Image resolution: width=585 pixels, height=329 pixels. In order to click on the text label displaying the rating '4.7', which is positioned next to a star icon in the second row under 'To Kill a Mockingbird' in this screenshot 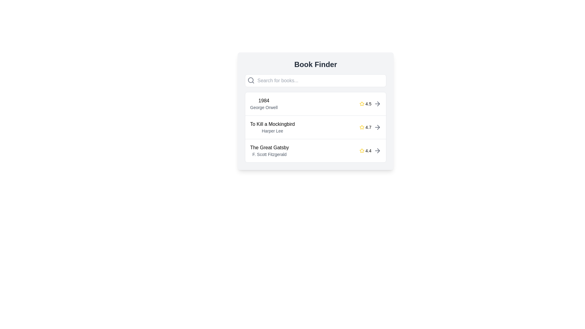, I will do `click(368, 127)`.